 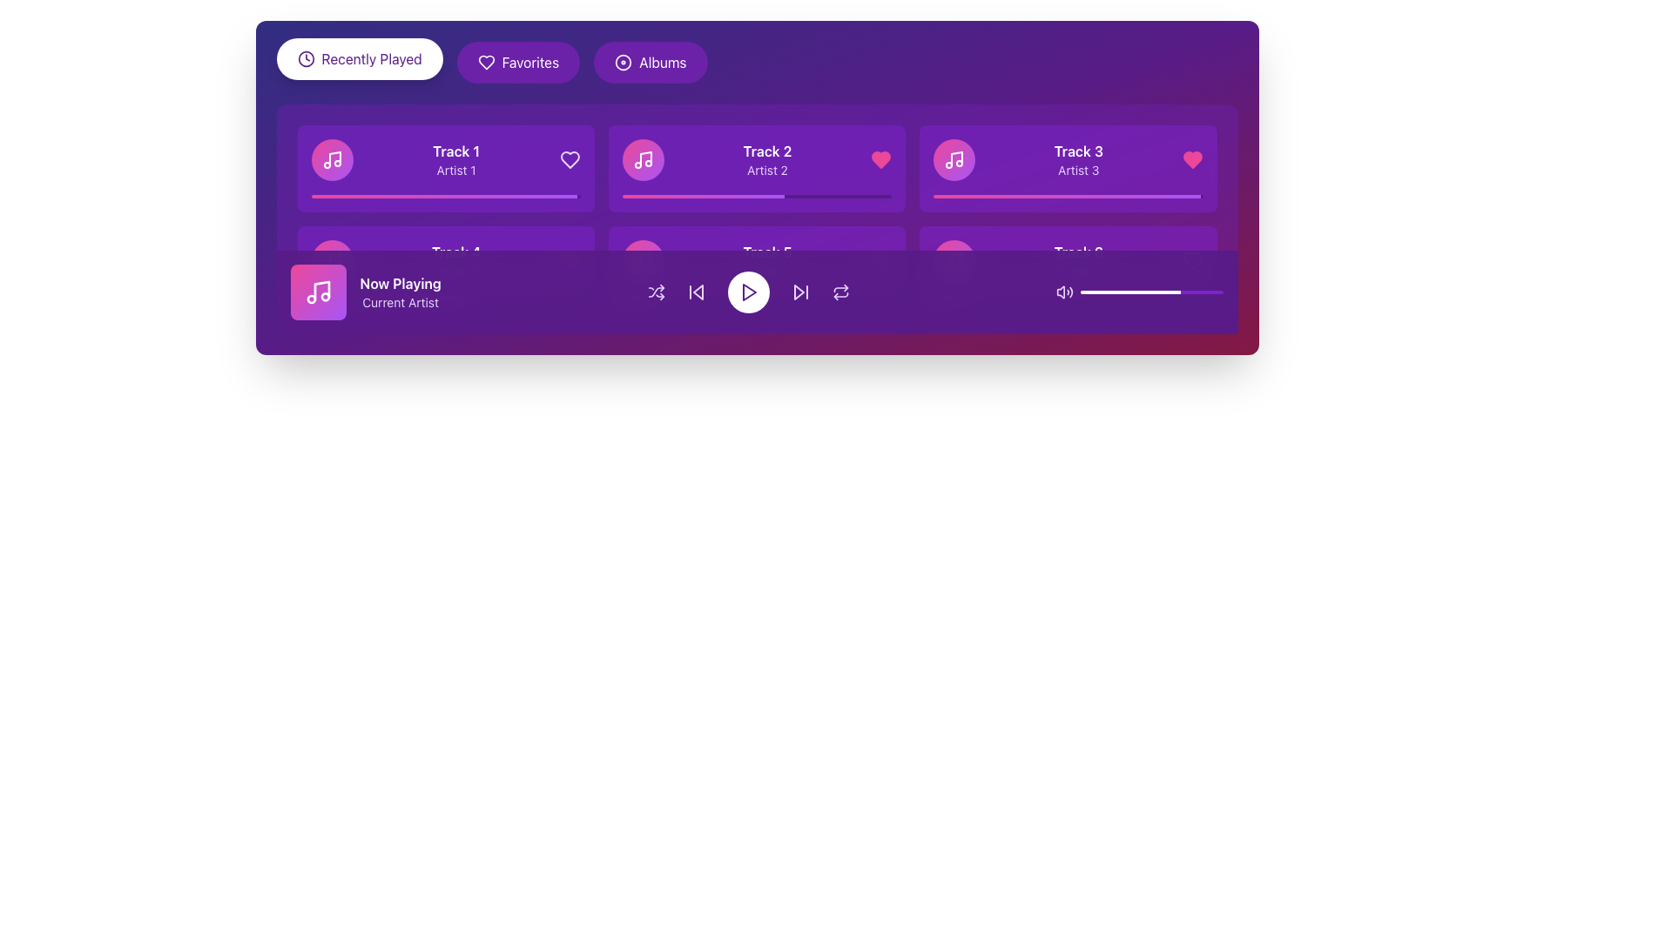 What do you see at coordinates (766, 171) in the screenshot?
I see `the text label displaying 'Artist 2' in a small-sized font with a light purple color, located below the 'Track 2' label within the card layout for 'Track 2'` at bounding box center [766, 171].